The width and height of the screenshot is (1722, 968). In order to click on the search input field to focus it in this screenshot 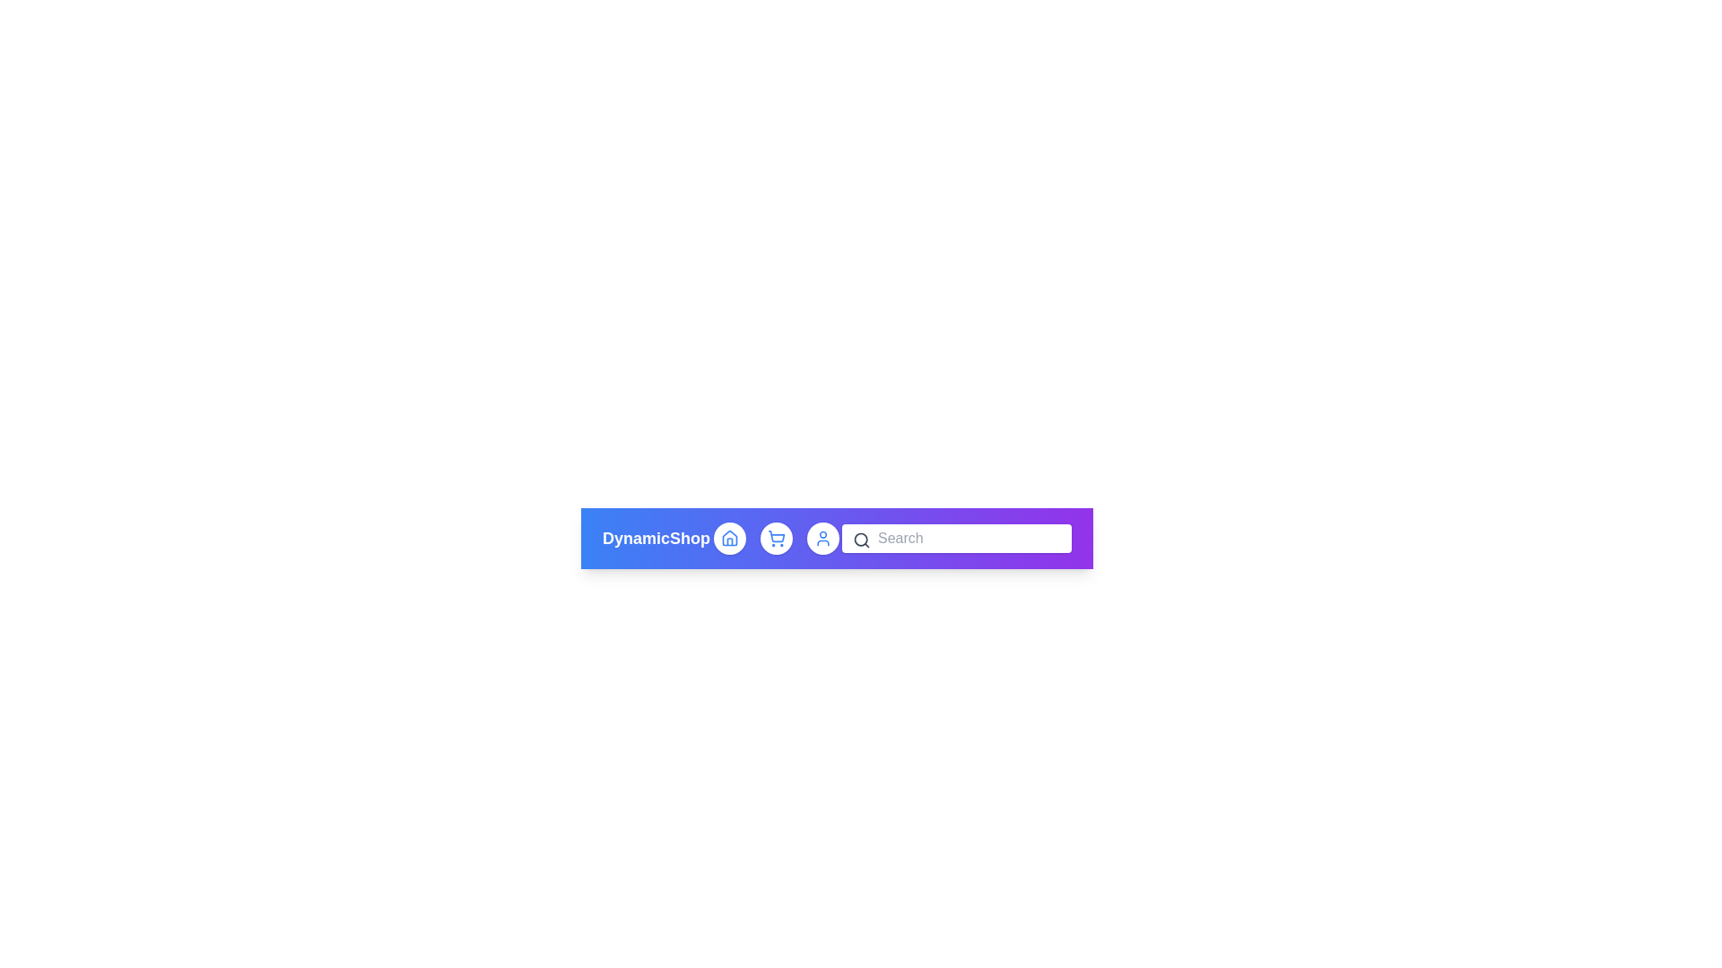, I will do `click(955, 538)`.